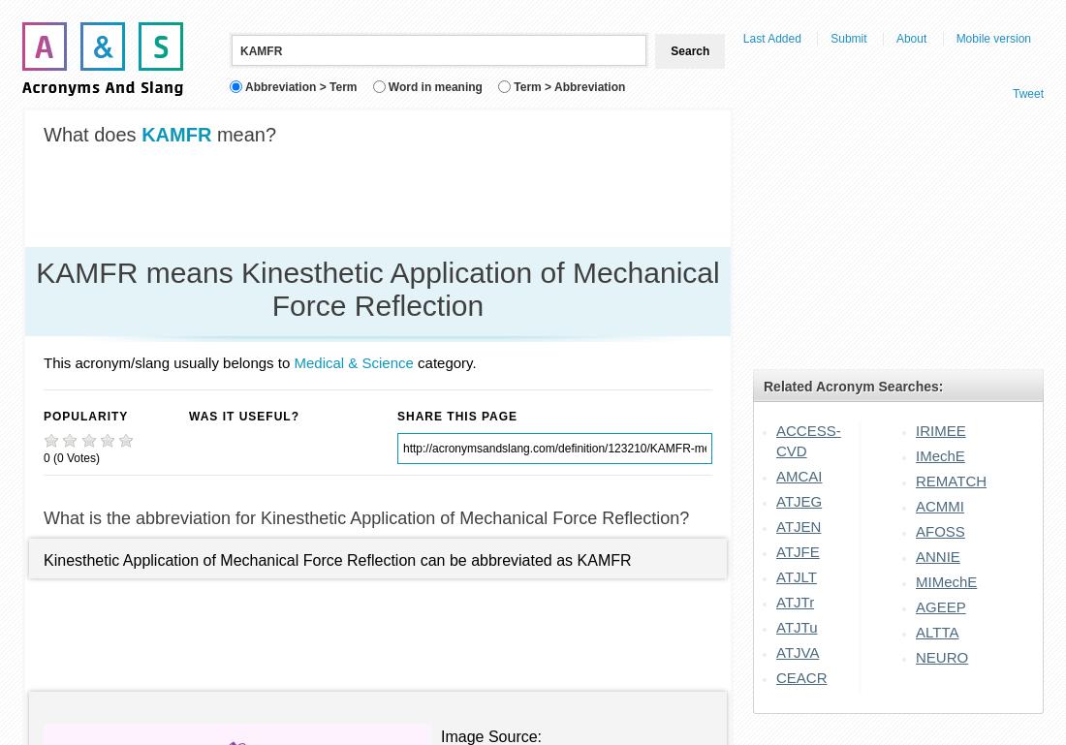  Describe the element at coordinates (770, 38) in the screenshot. I see `'Last Added'` at that location.